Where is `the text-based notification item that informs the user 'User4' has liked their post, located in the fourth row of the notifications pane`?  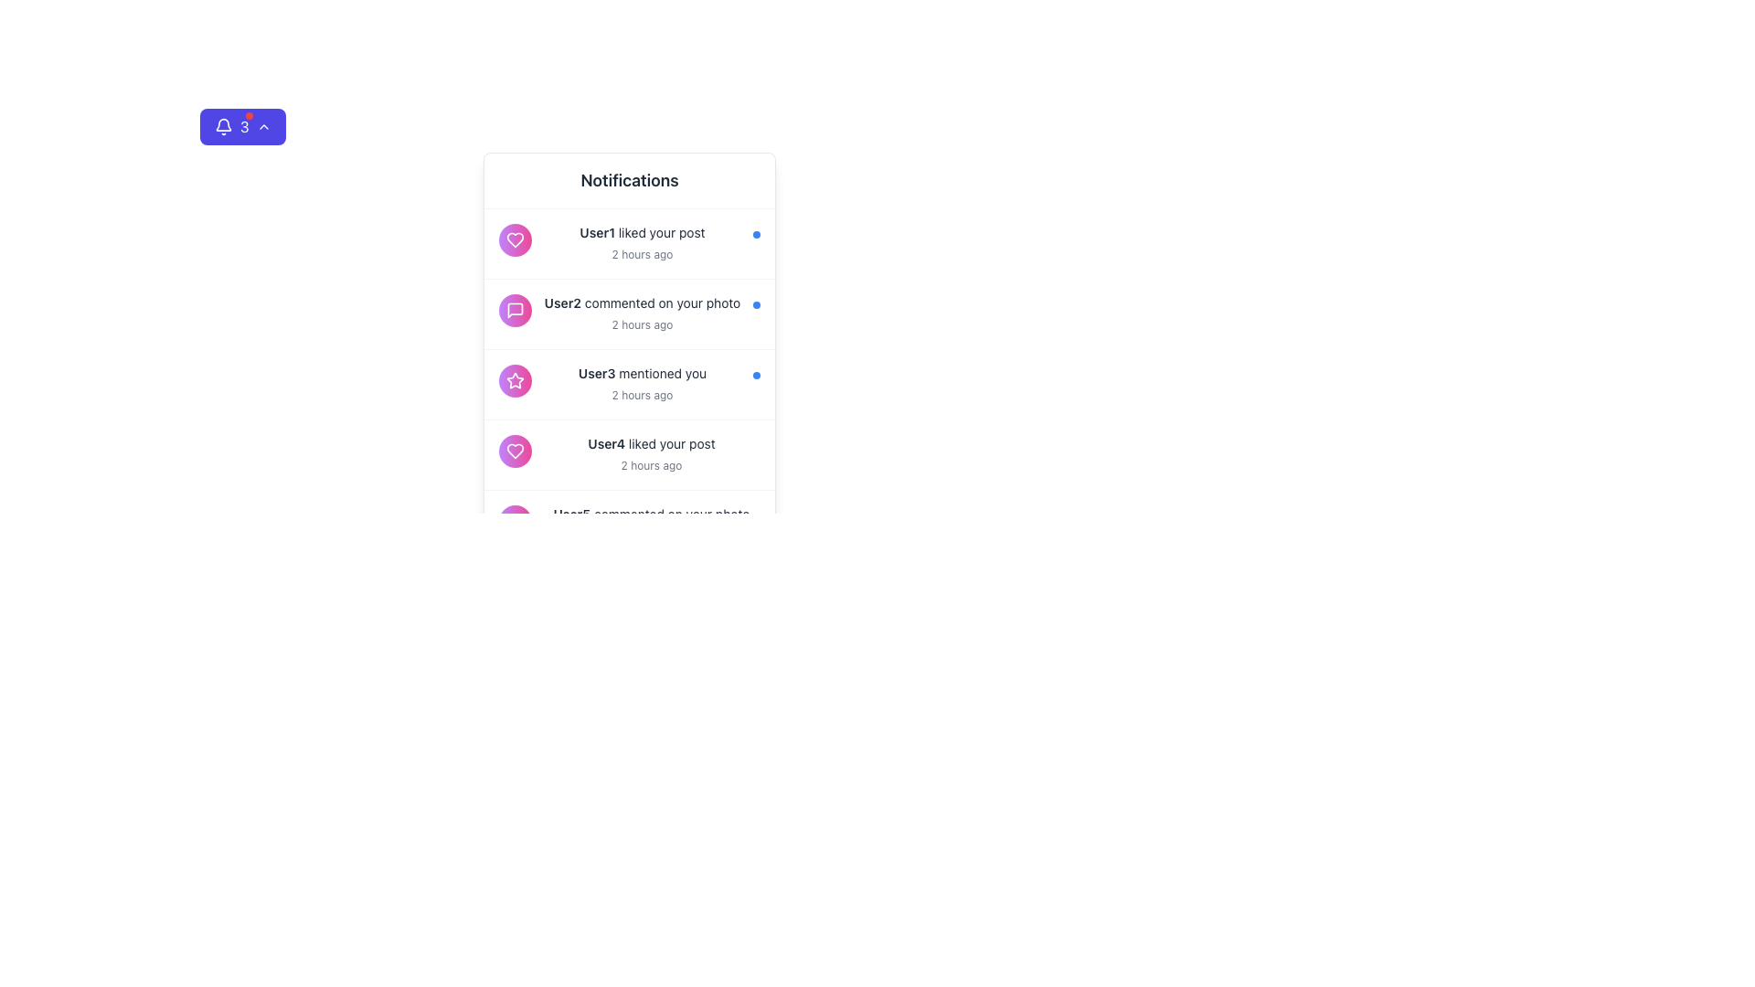
the text-based notification item that informs the user 'User4' has liked their post, located in the fourth row of the notifications pane is located at coordinates (652, 444).